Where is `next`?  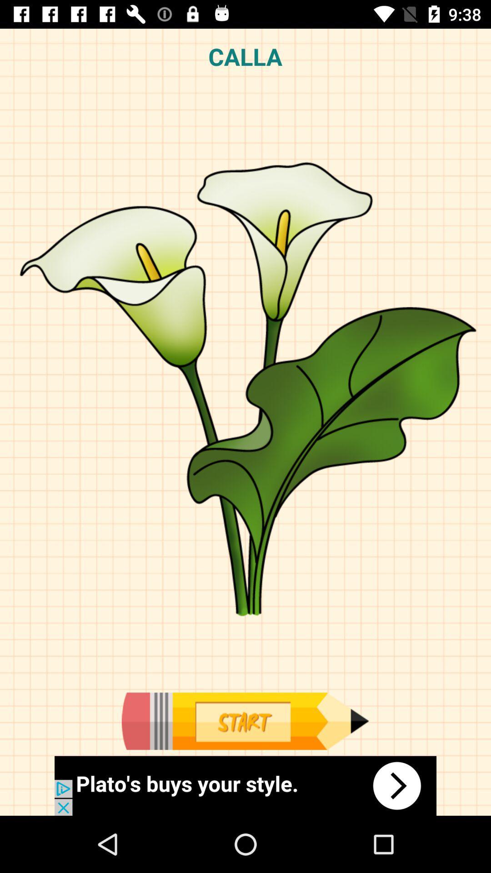
next is located at coordinates (245, 785).